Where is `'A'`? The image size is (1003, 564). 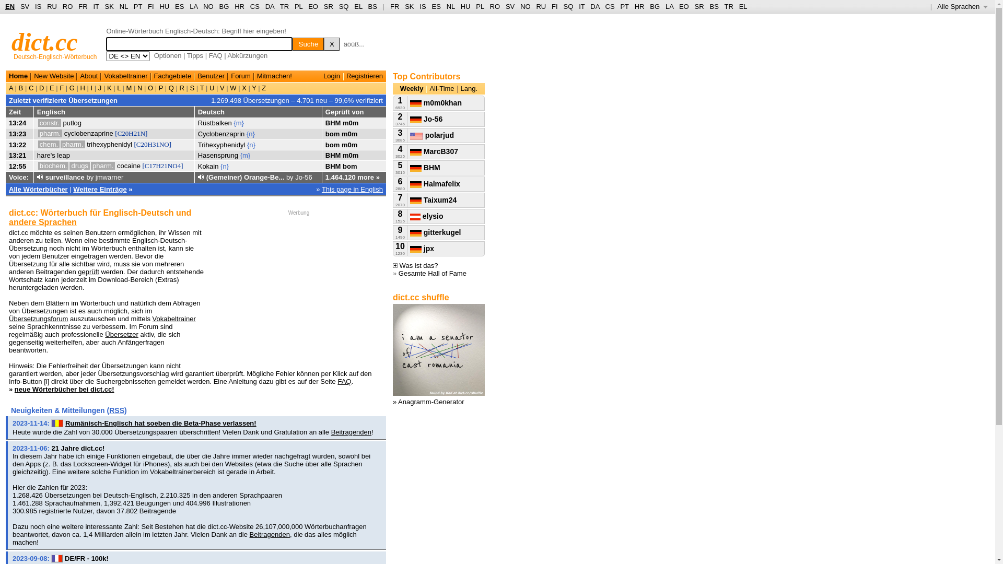 'A' is located at coordinates (12, 87).